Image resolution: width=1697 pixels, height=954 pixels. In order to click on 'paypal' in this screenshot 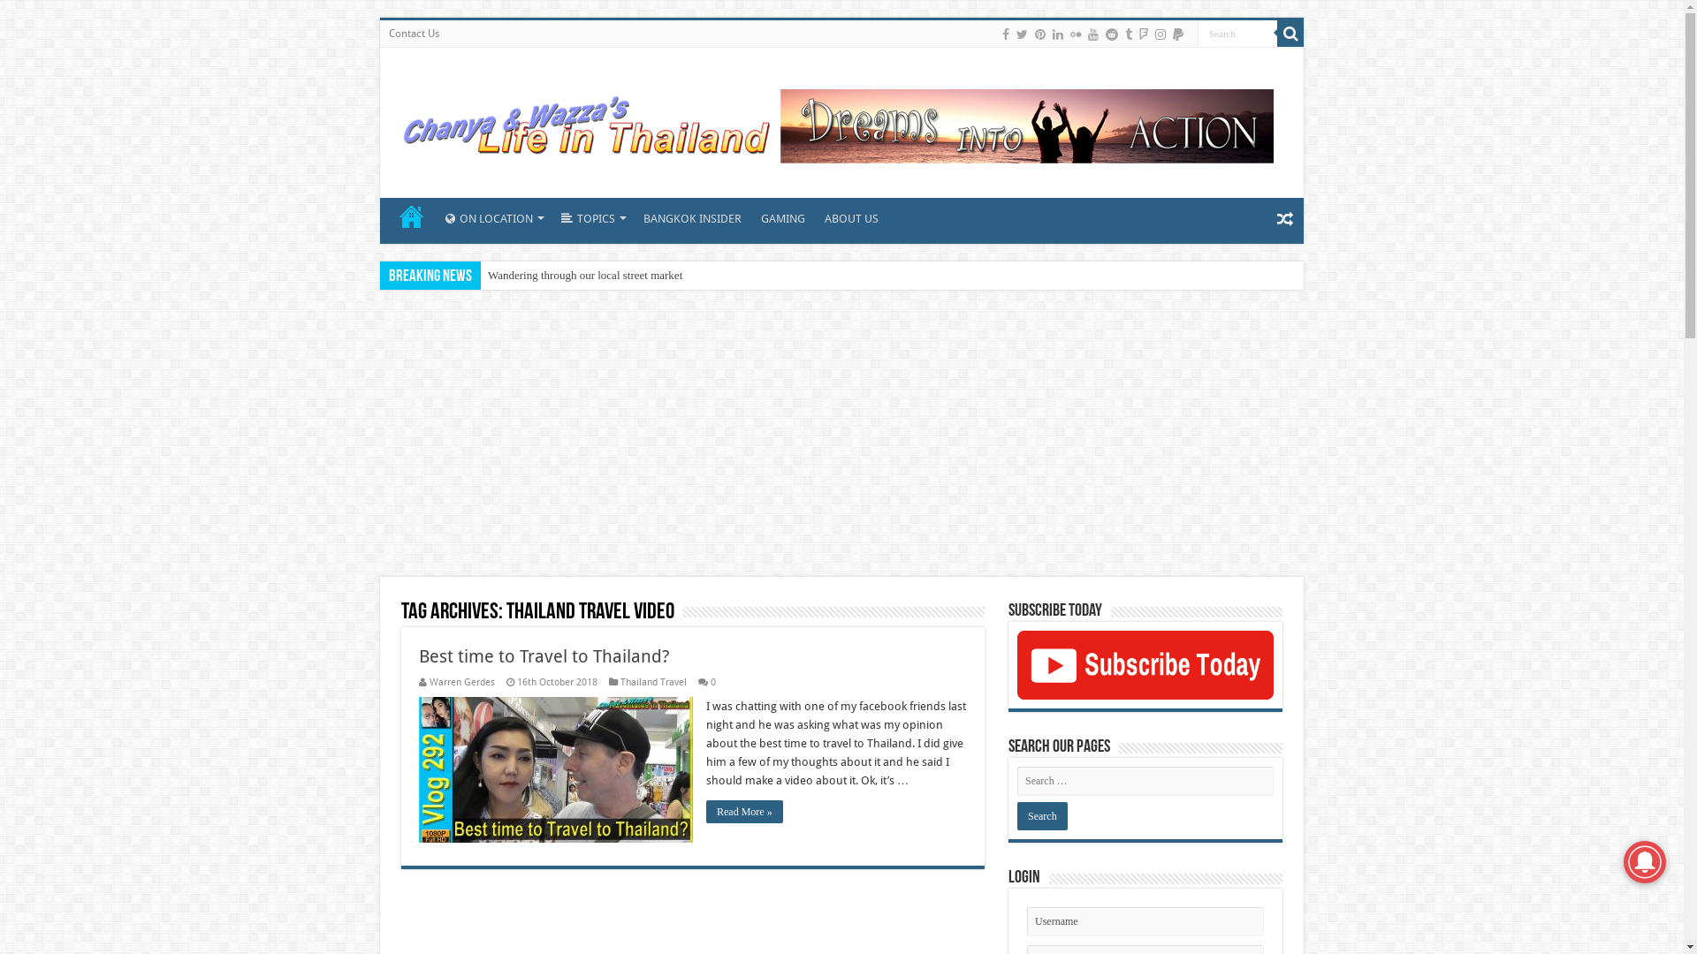, I will do `click(1178, 34)`.